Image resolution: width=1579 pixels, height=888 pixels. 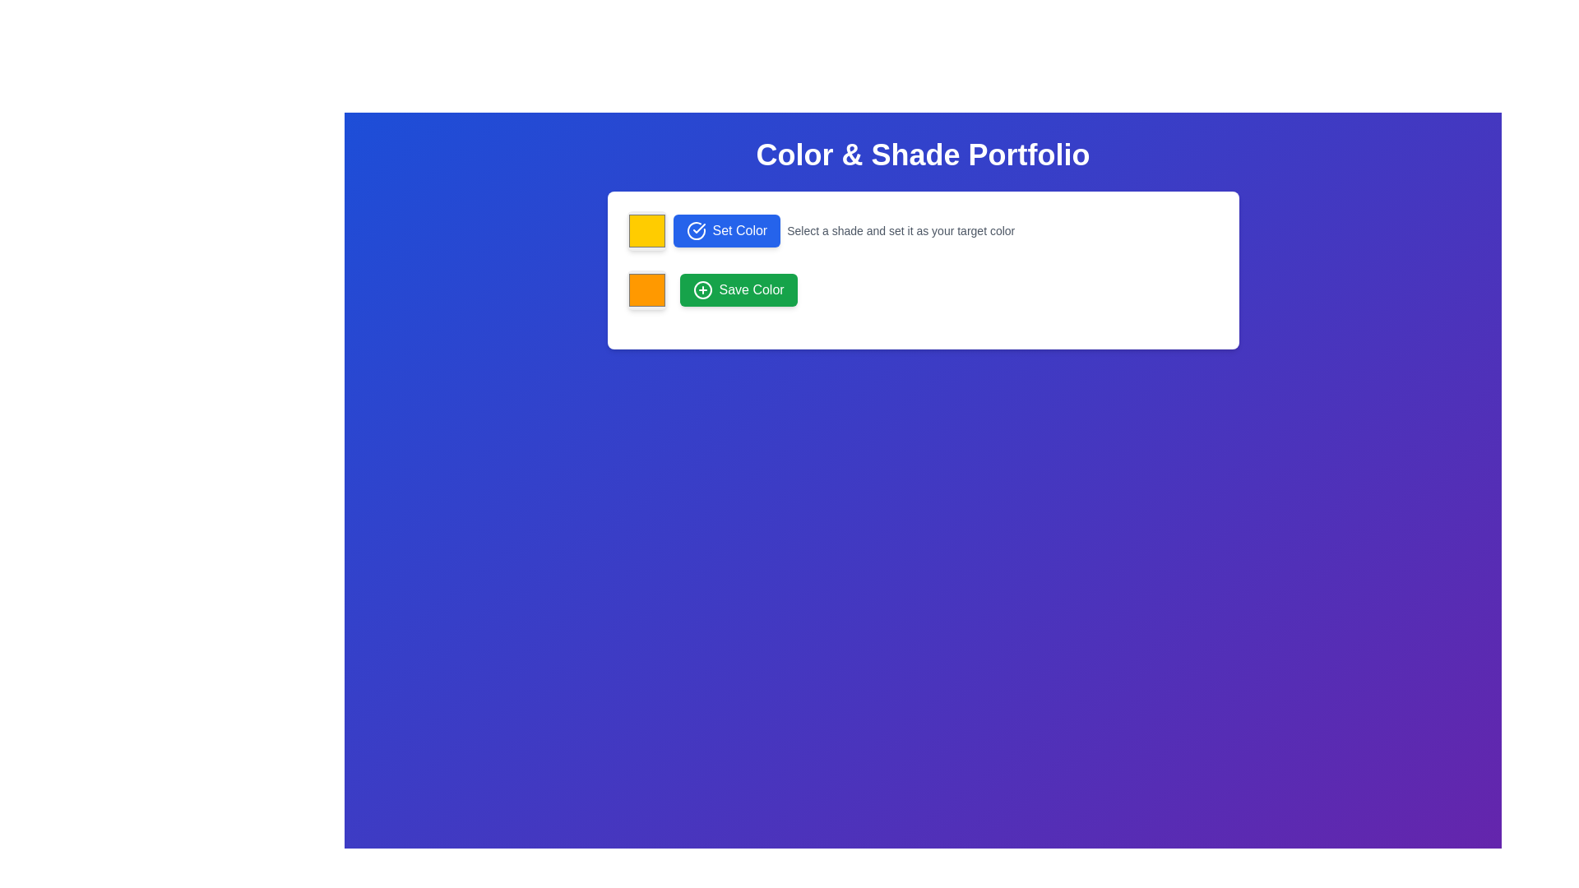 What do you see at coordinates (702, 289) in the screenshot?
I see `the decorative icon within the 'Save Color' button located at the lower-right corner of the rectangular white panel` at bounding box center [702, 289].